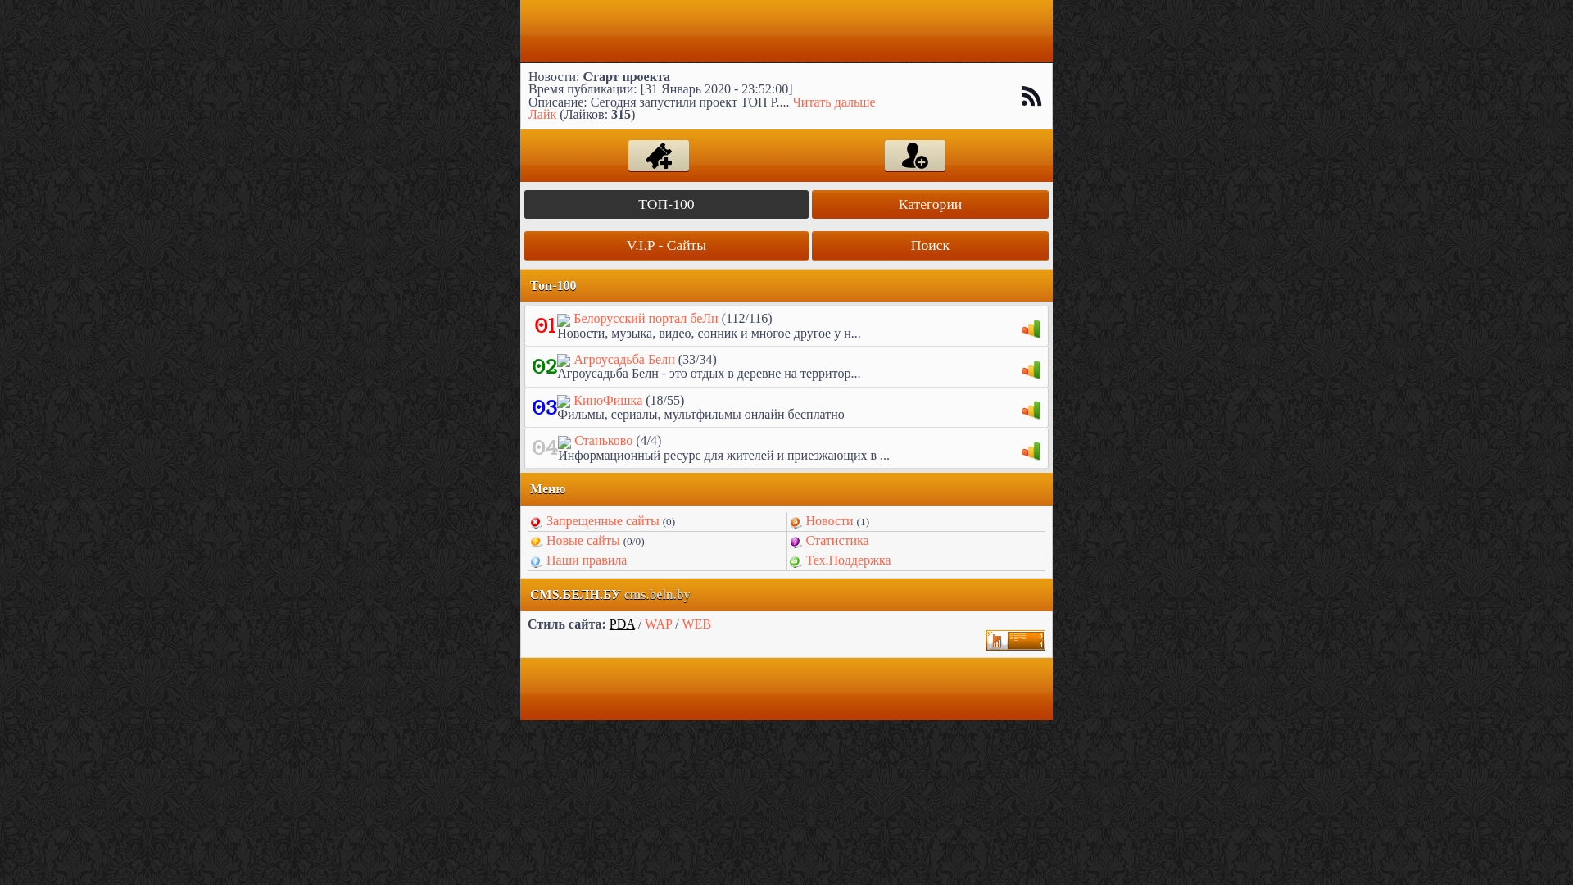  Describe the element at coordinates (657, 594) in the screenshot. I see `'cms.beln.by'` at that location.